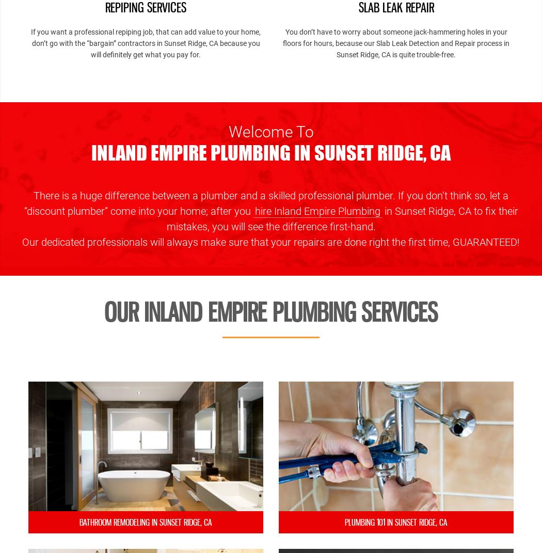 This screenshot has height=553, width=542. I want to click on 'hire Inland Empire Plumbing', so click(253, 211).